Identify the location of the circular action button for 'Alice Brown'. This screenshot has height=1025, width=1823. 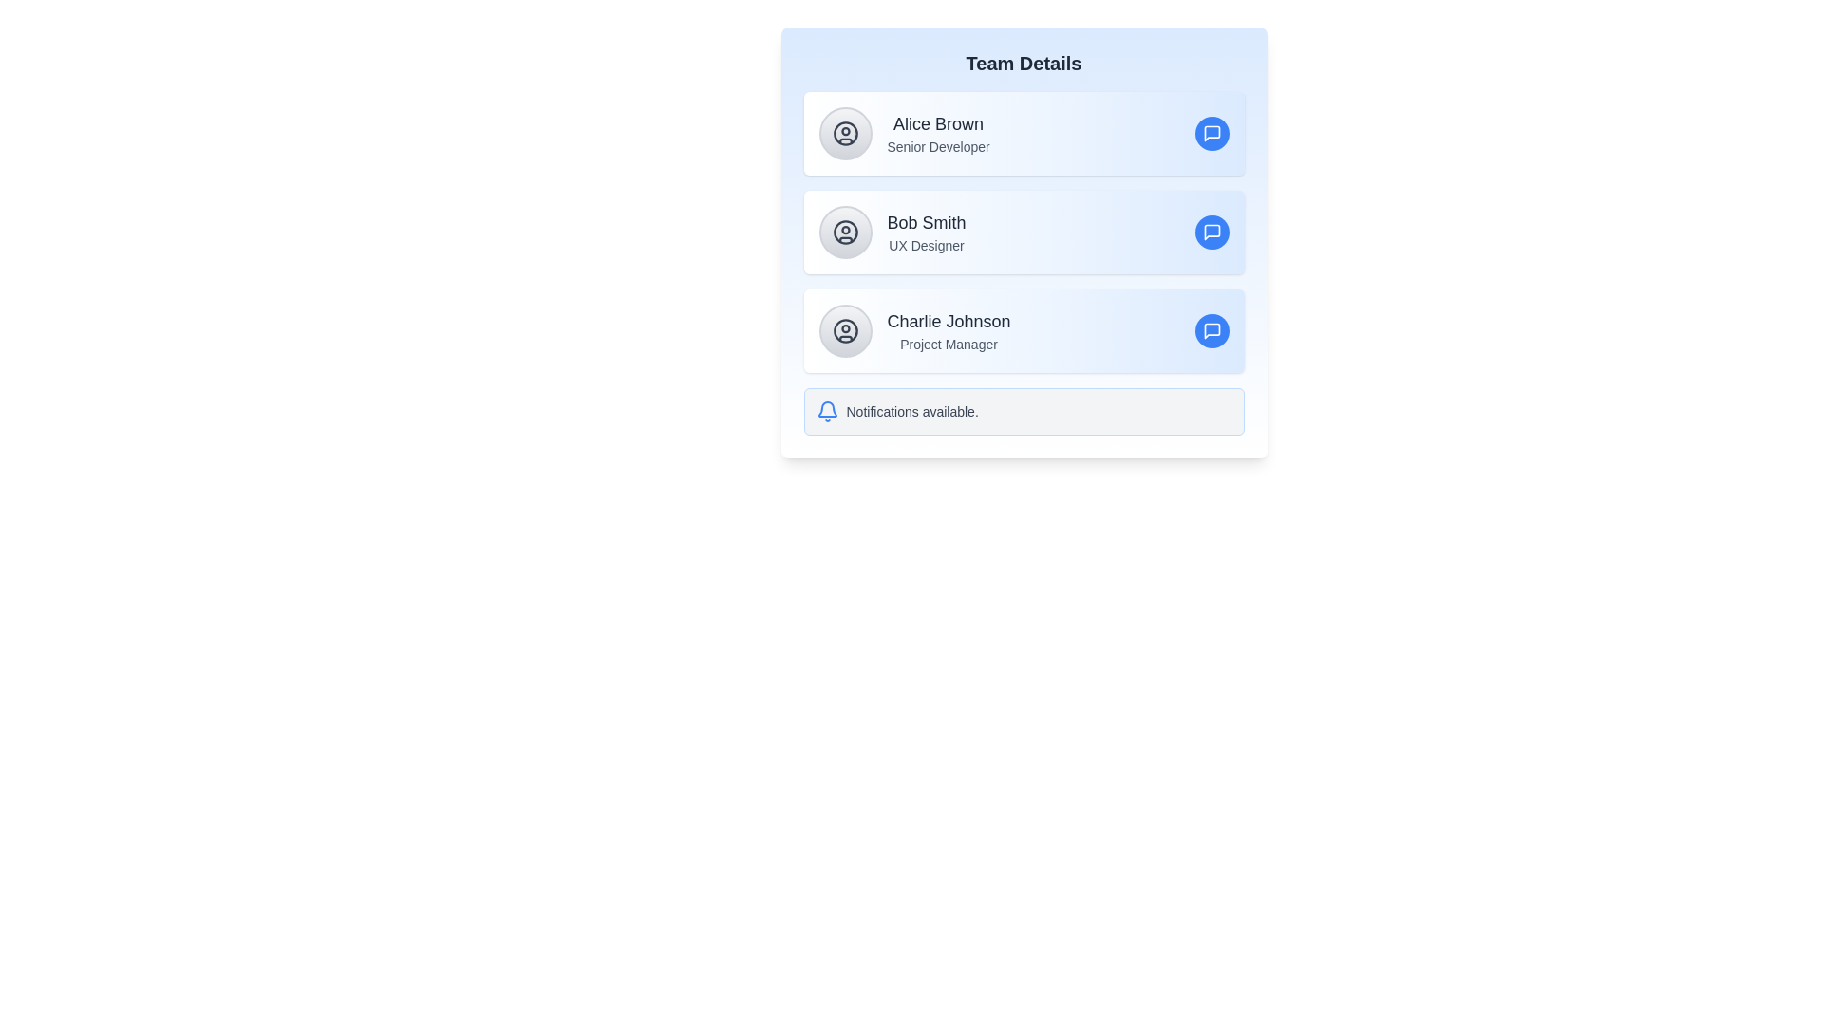
(1211, 133).